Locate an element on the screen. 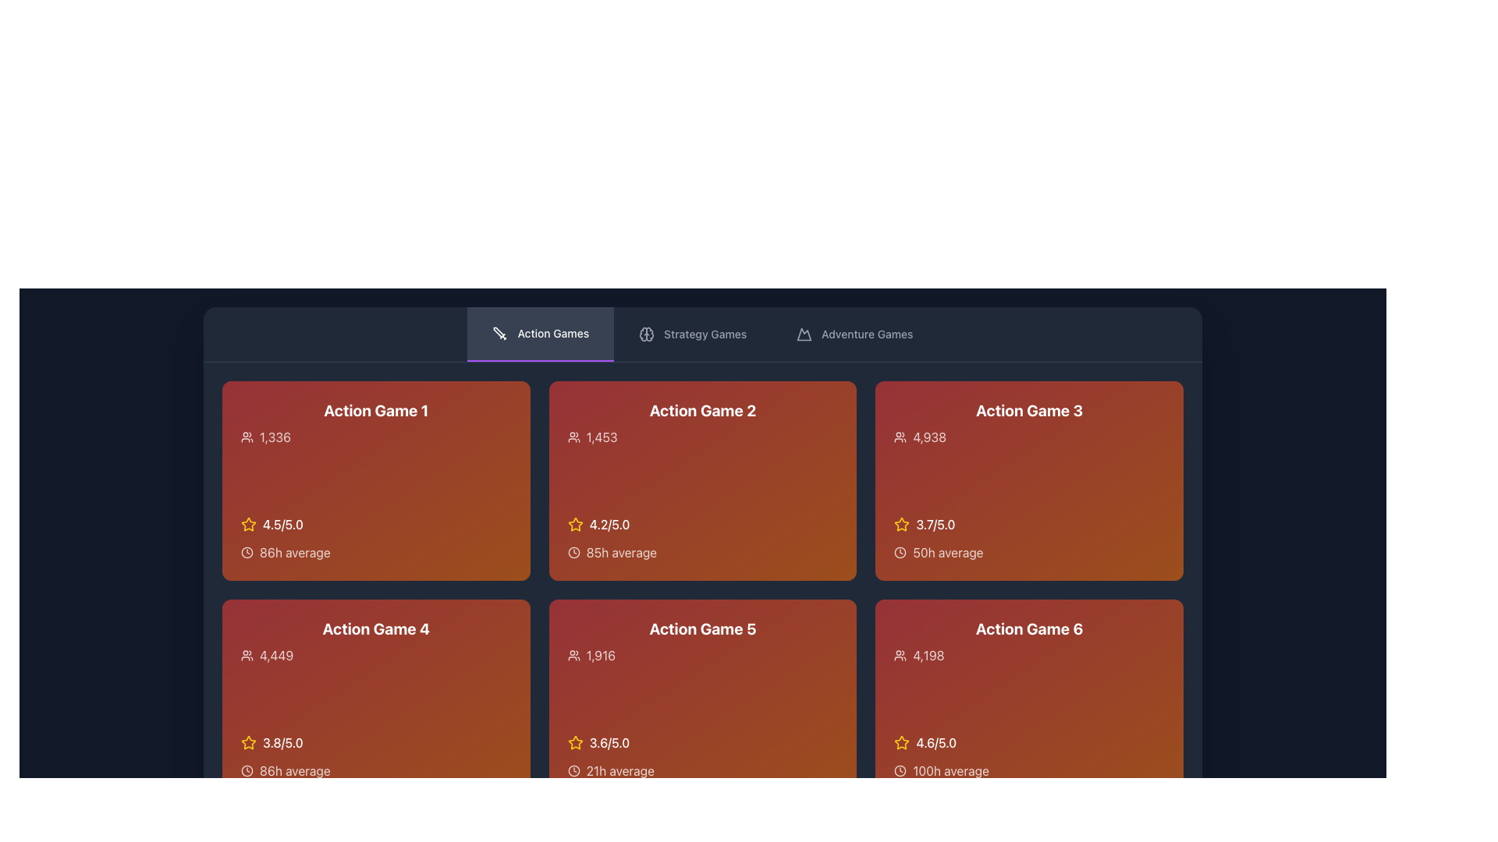  the icon located at the top left corner of the sixth card labeled 'Action Game 6', which precedes the text '4,198' is located at coordinates (900, 655).